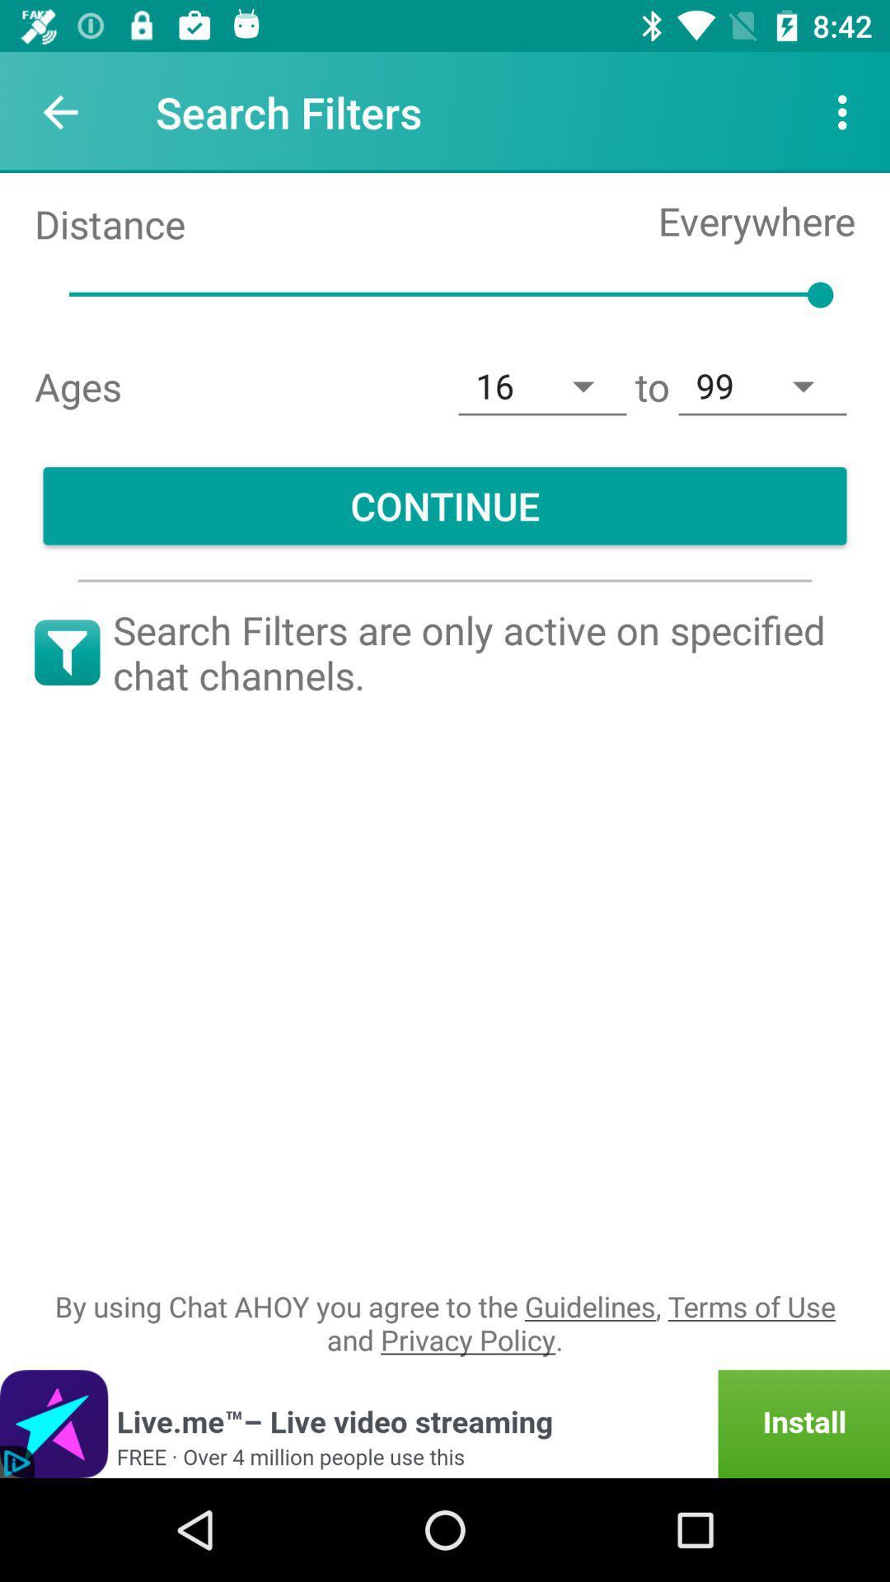  I want to click on continue, so click(445, 505).